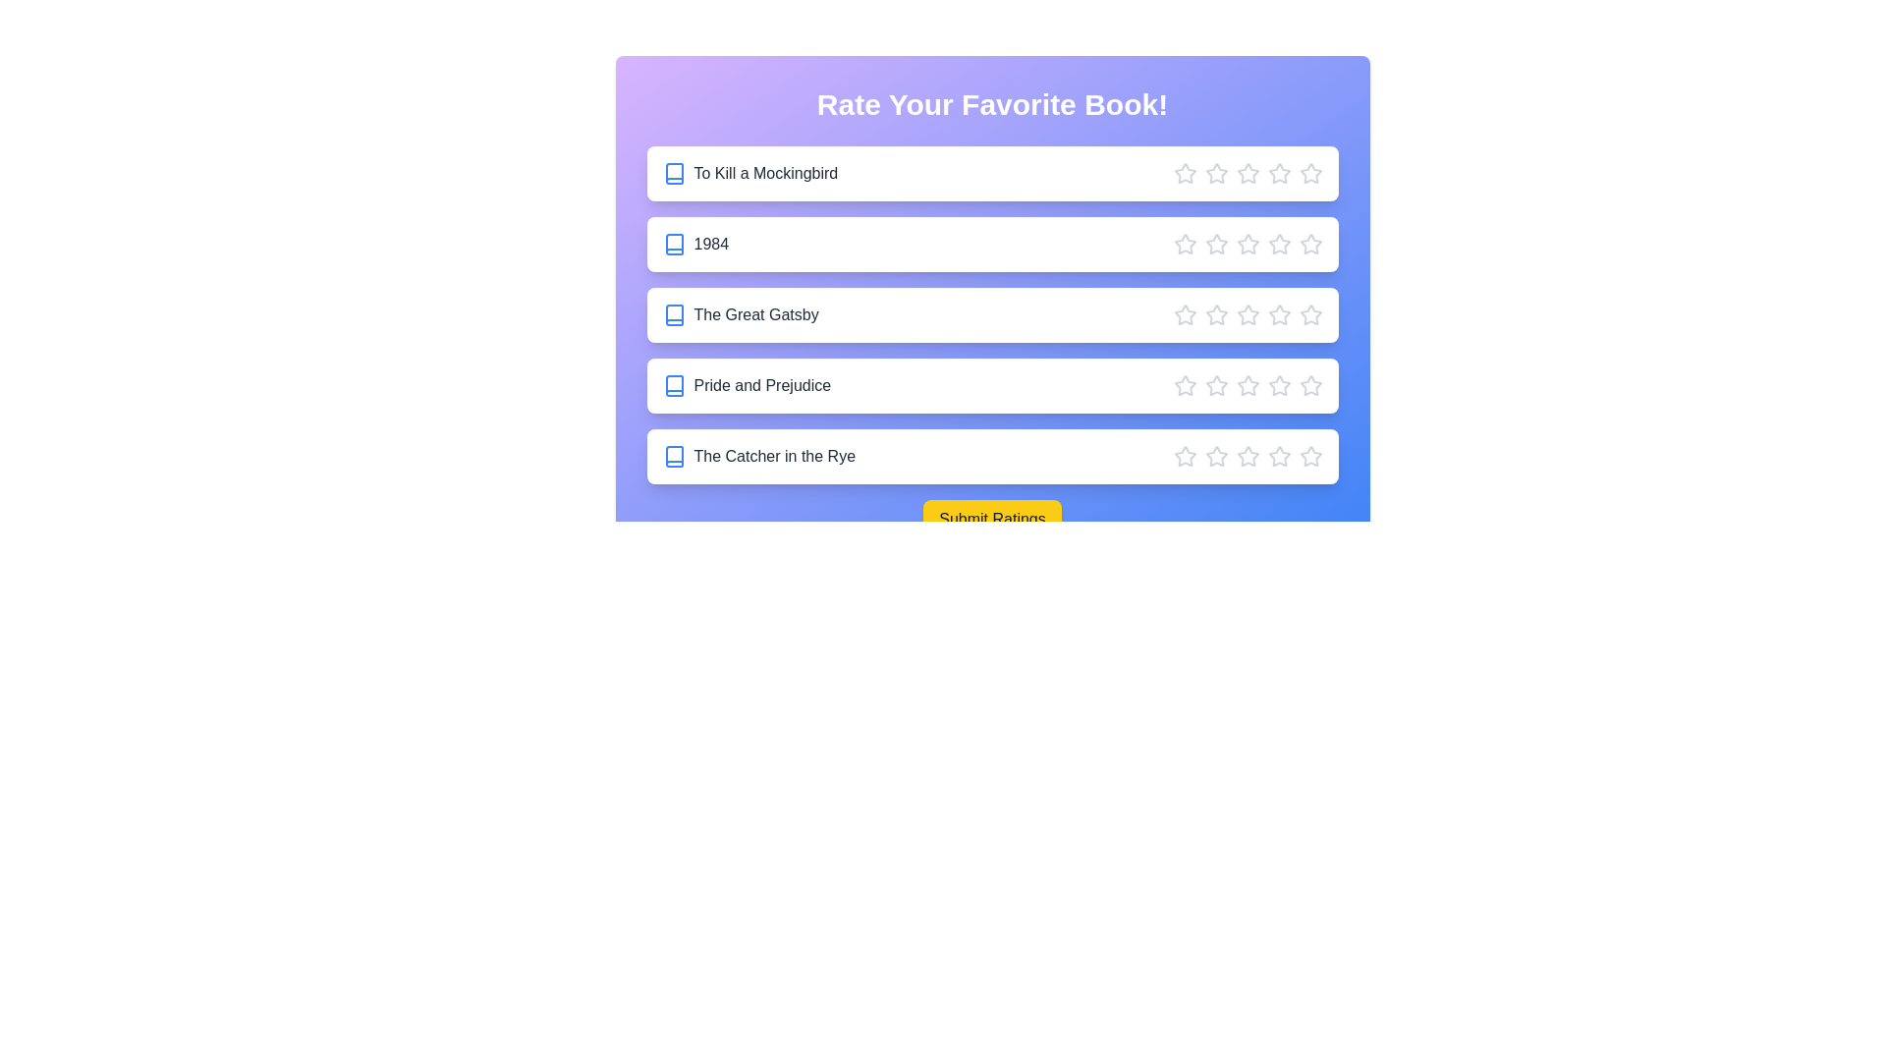 This screenshot has width=1886, height=1061. Describe the element at coordinates (1247, 173) in the screenshot. I see `the star corresponding to 3 stars for the book To Kill a Mockingbird` at that location.